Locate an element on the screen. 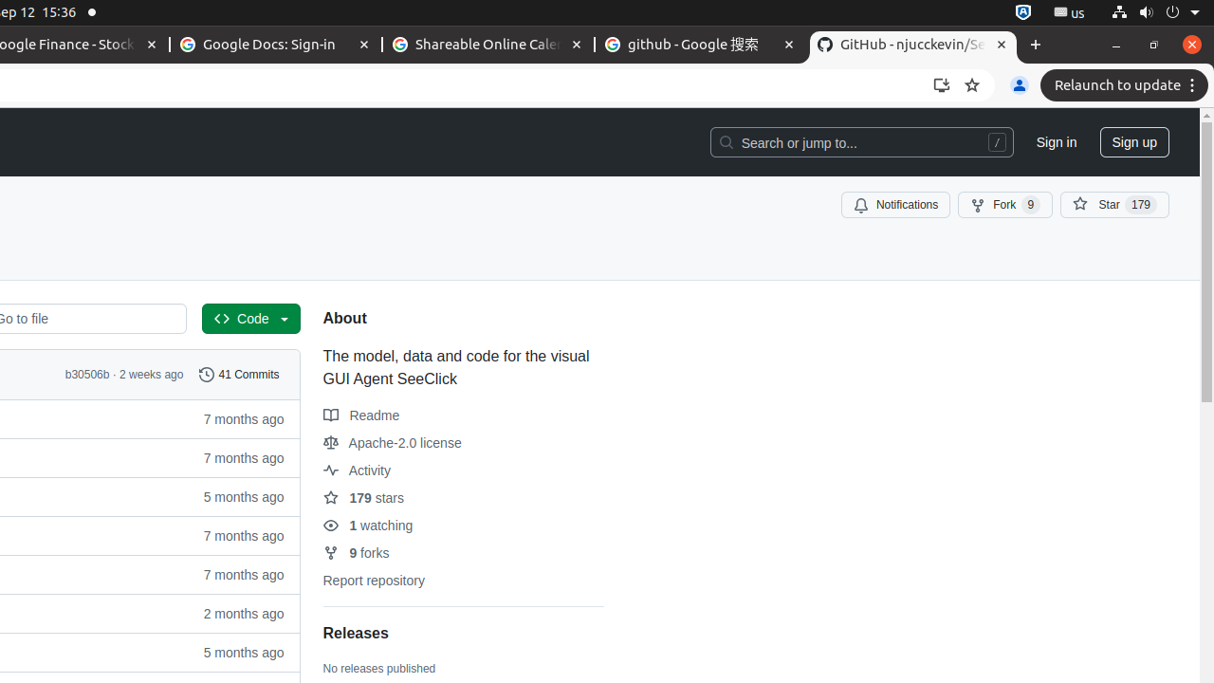 This screenshot has height=683, width=1214. 'Sign up' is located at coordinates (1134, 140).